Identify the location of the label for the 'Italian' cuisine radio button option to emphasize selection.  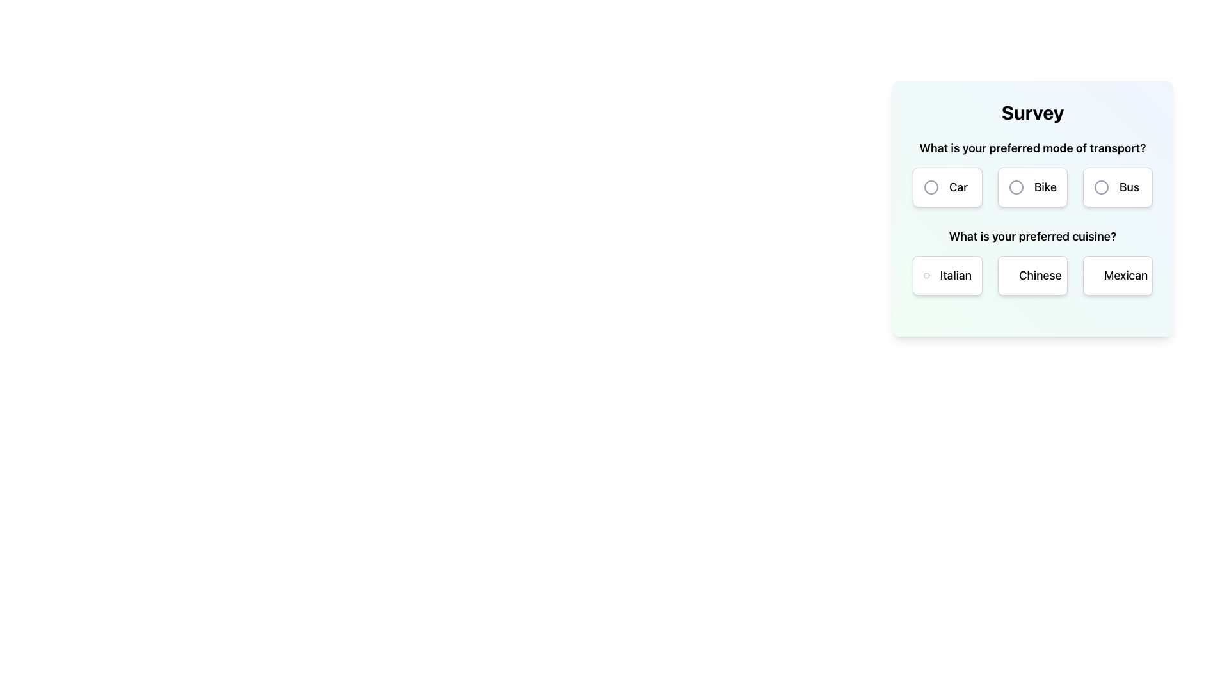
(956, 275).